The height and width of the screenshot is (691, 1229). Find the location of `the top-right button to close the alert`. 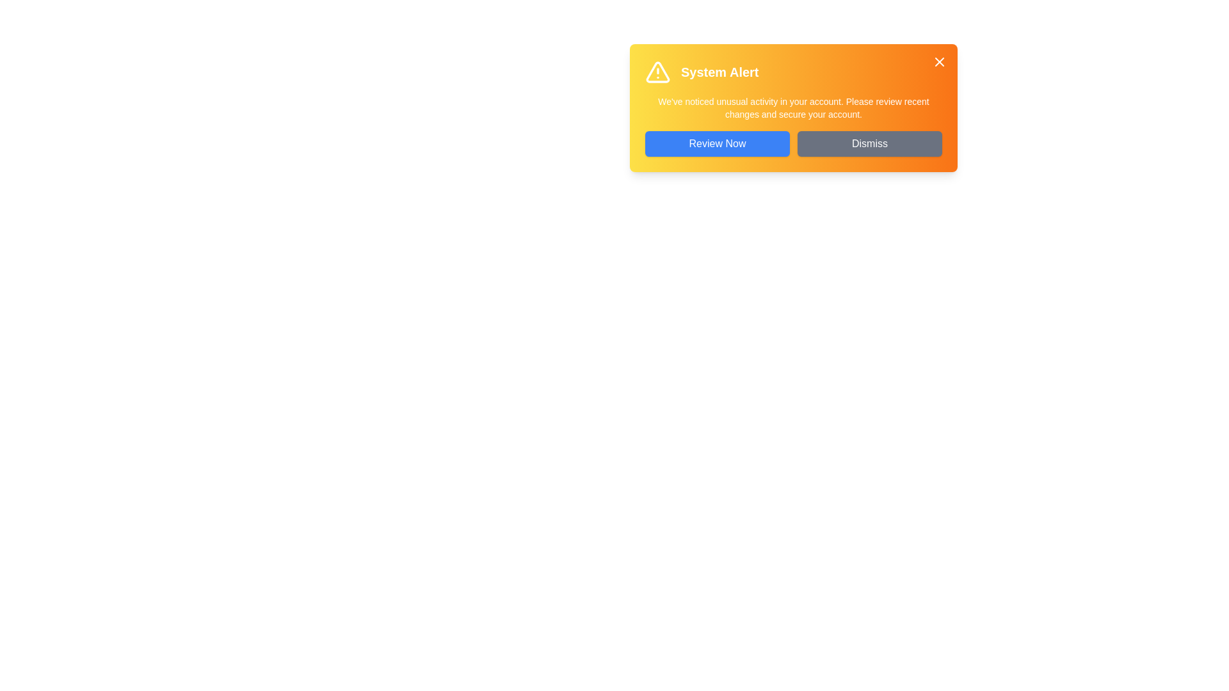

the top-right button to close the alert is located at coordinates (940, 61).